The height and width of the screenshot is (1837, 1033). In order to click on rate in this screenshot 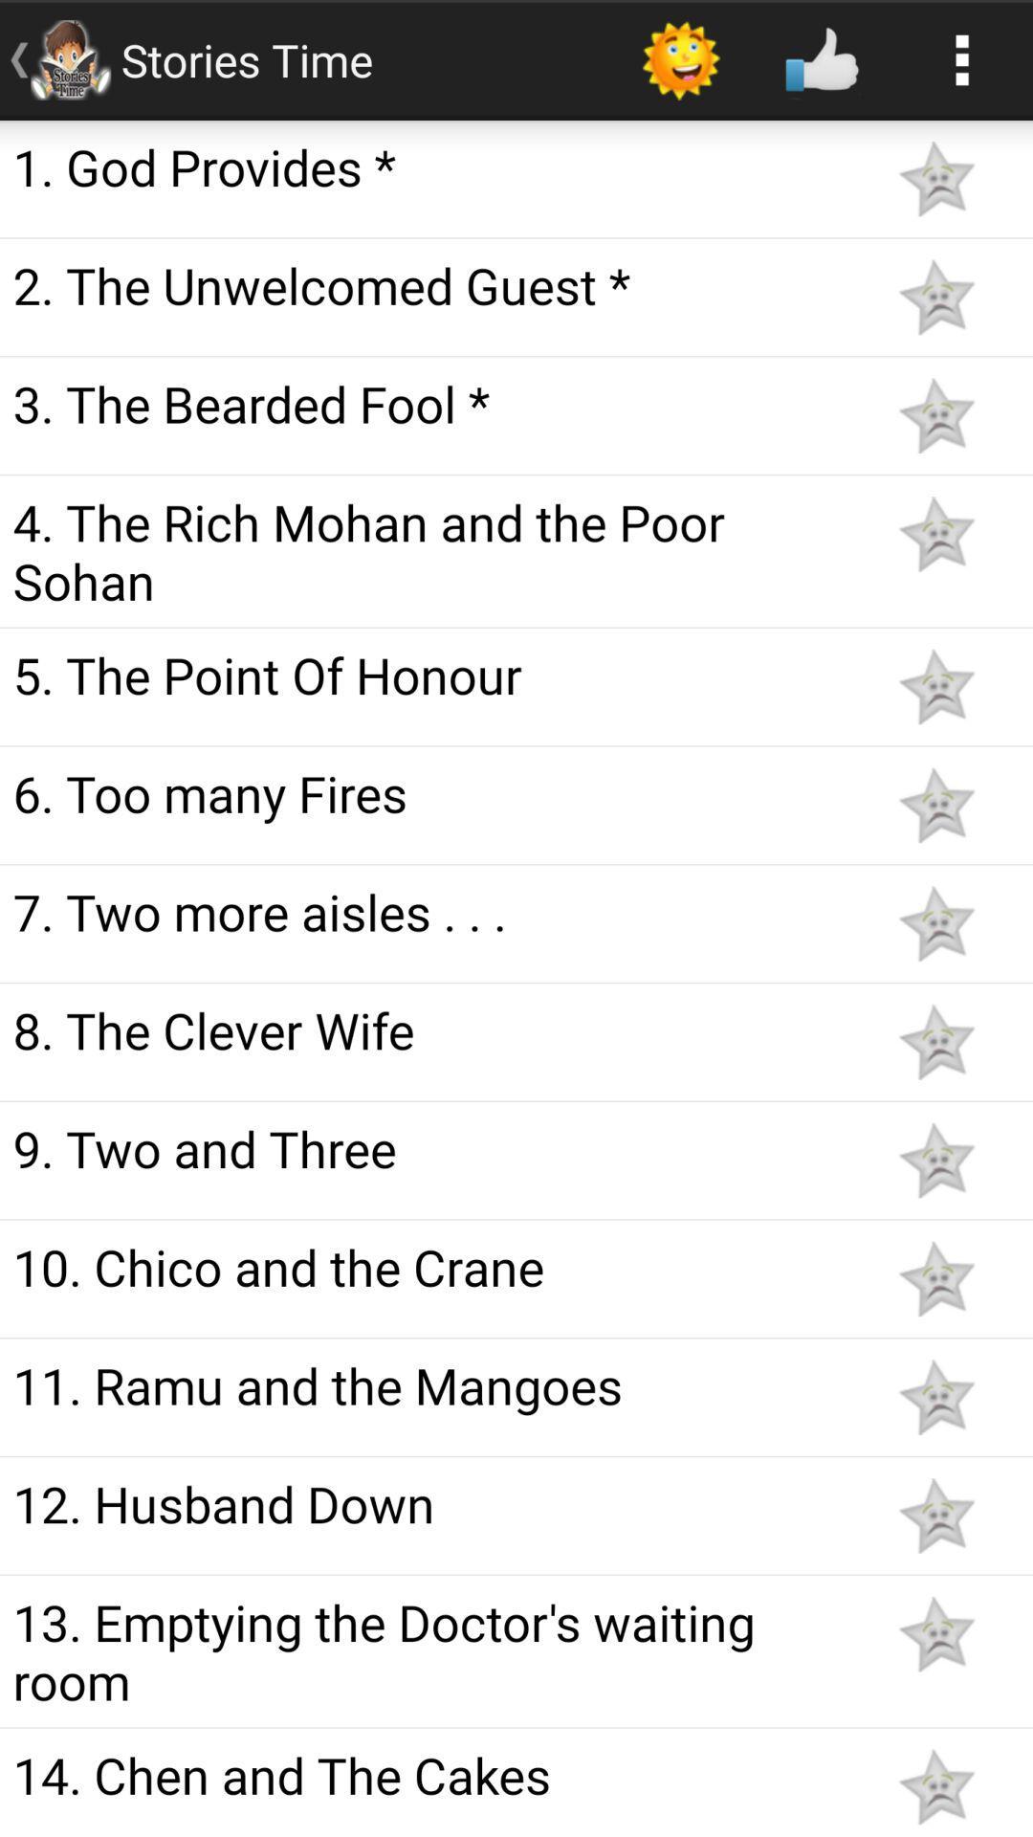, I will do `click(935, 1397)`.